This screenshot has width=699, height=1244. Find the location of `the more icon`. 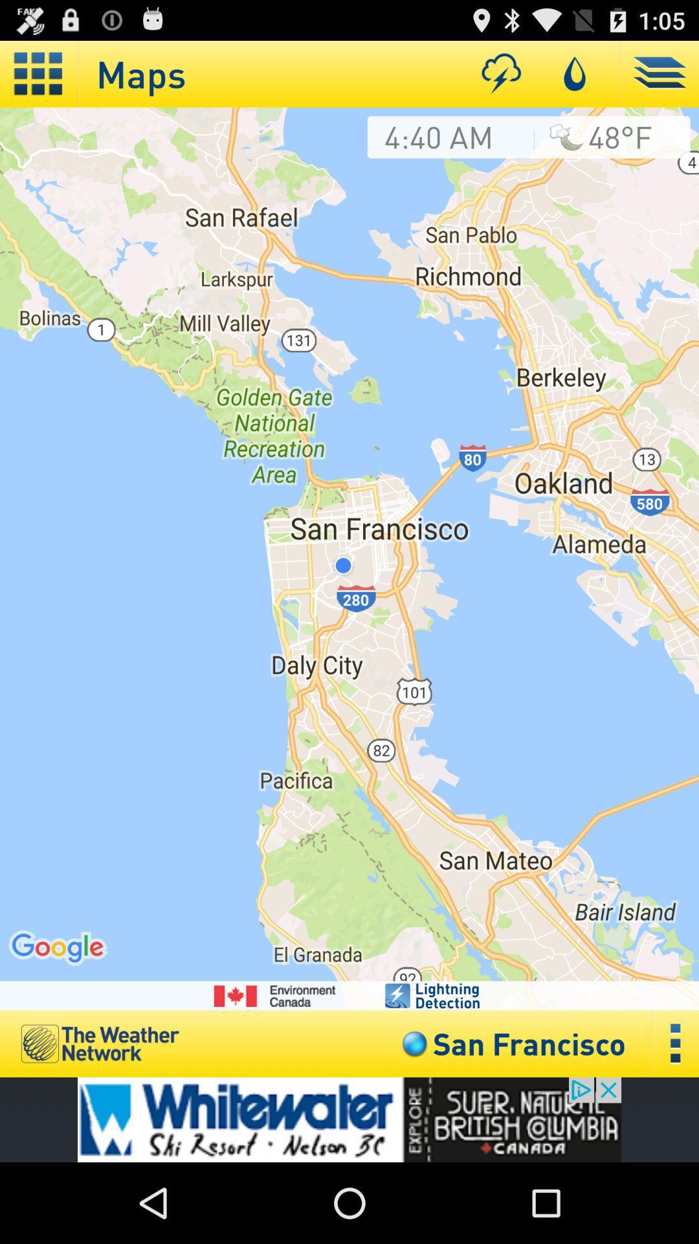

the more icon is located at coordinates (675, 1116).